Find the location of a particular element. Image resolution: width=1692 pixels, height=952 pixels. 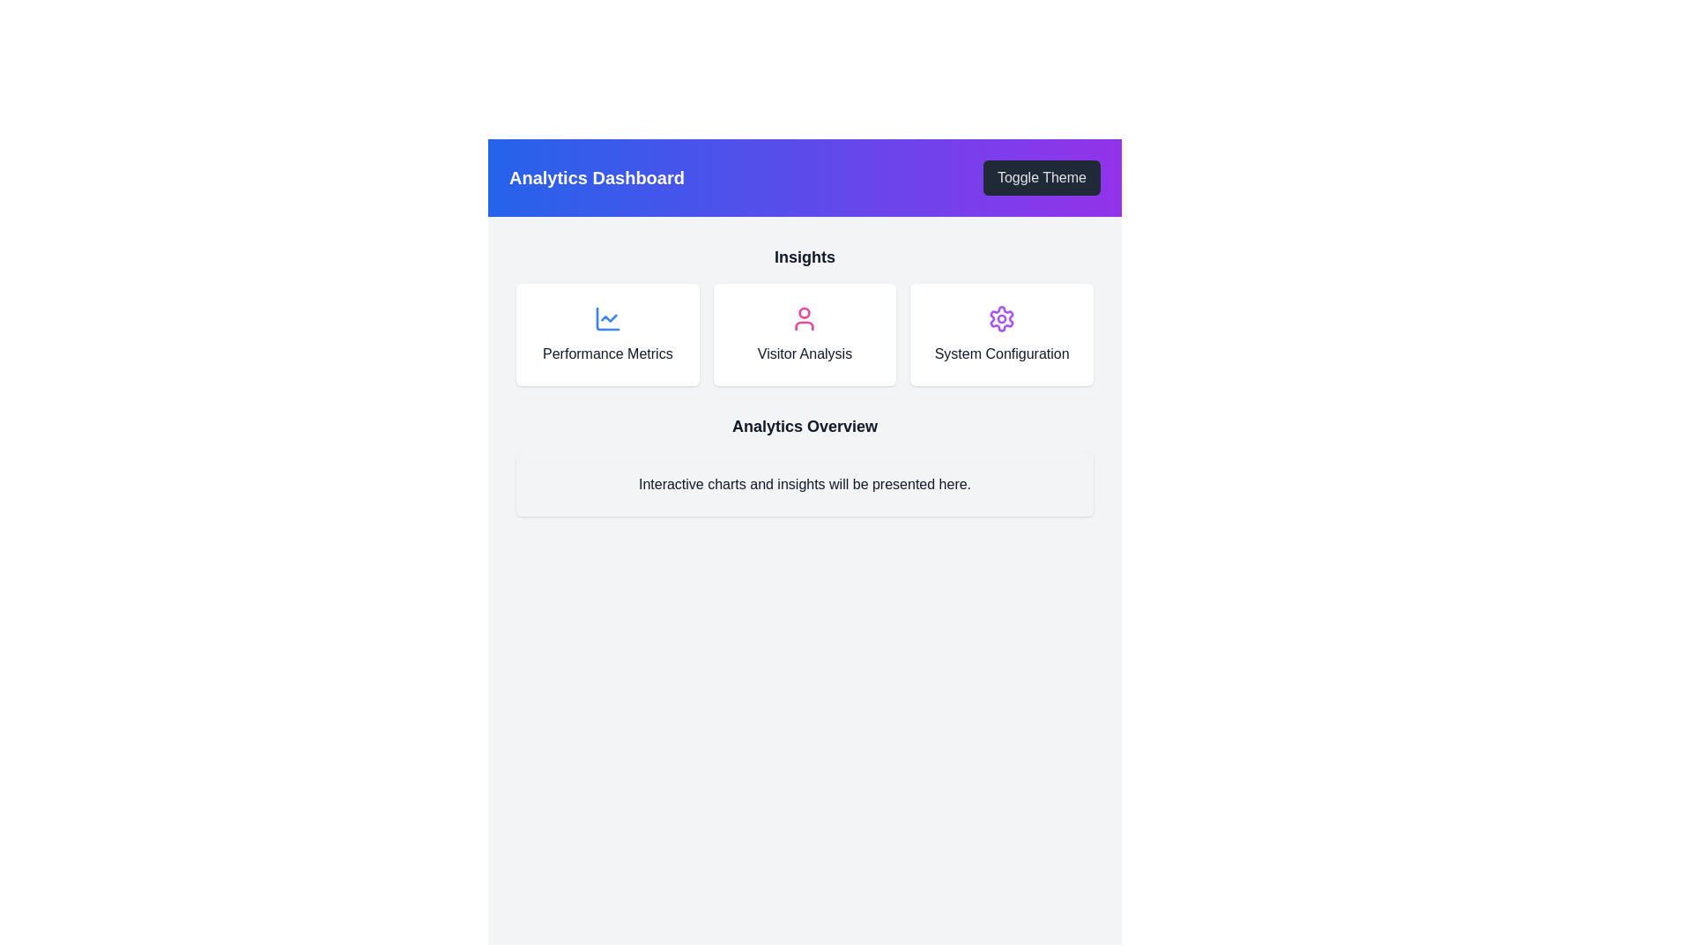

the 'Analytics Dashboard' title text located at the top left of the interface header, before the 'Toggle Theme' button is located at coordinates (597, 177).